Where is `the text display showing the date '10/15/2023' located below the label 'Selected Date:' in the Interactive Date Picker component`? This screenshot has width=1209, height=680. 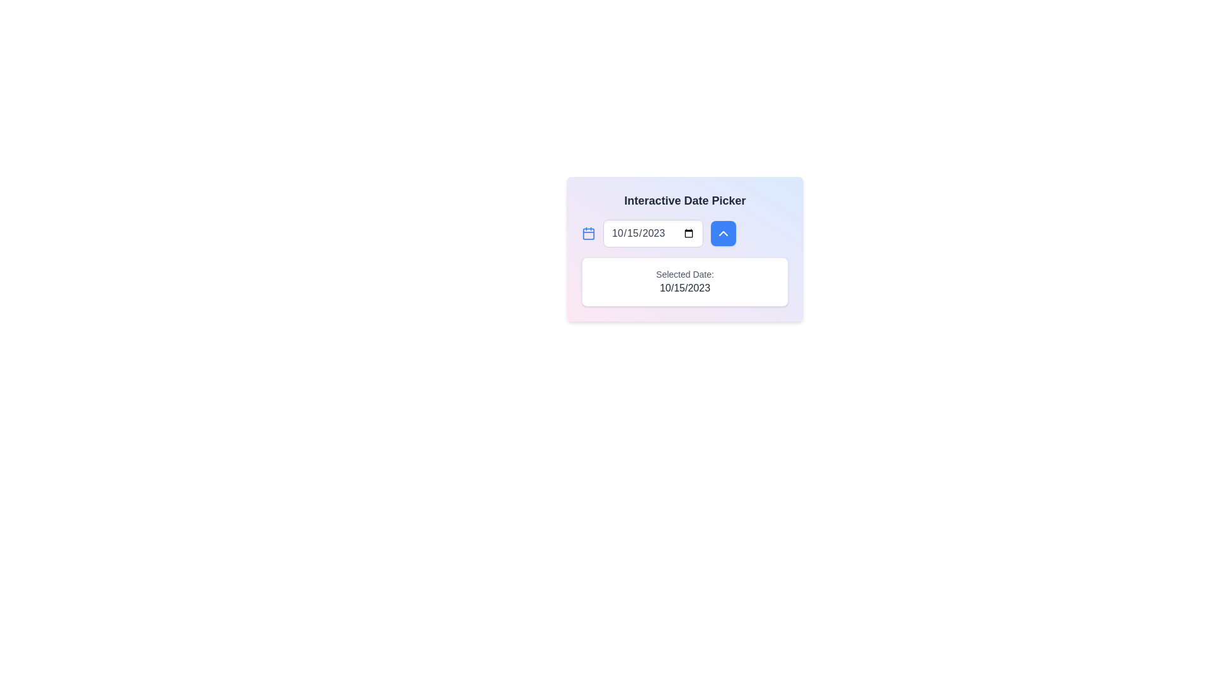 the text display showing the date '10/15/2023' located below the label 'Selected Date:' in the Interactive Date Picker component is located at coordinates (684, 288).